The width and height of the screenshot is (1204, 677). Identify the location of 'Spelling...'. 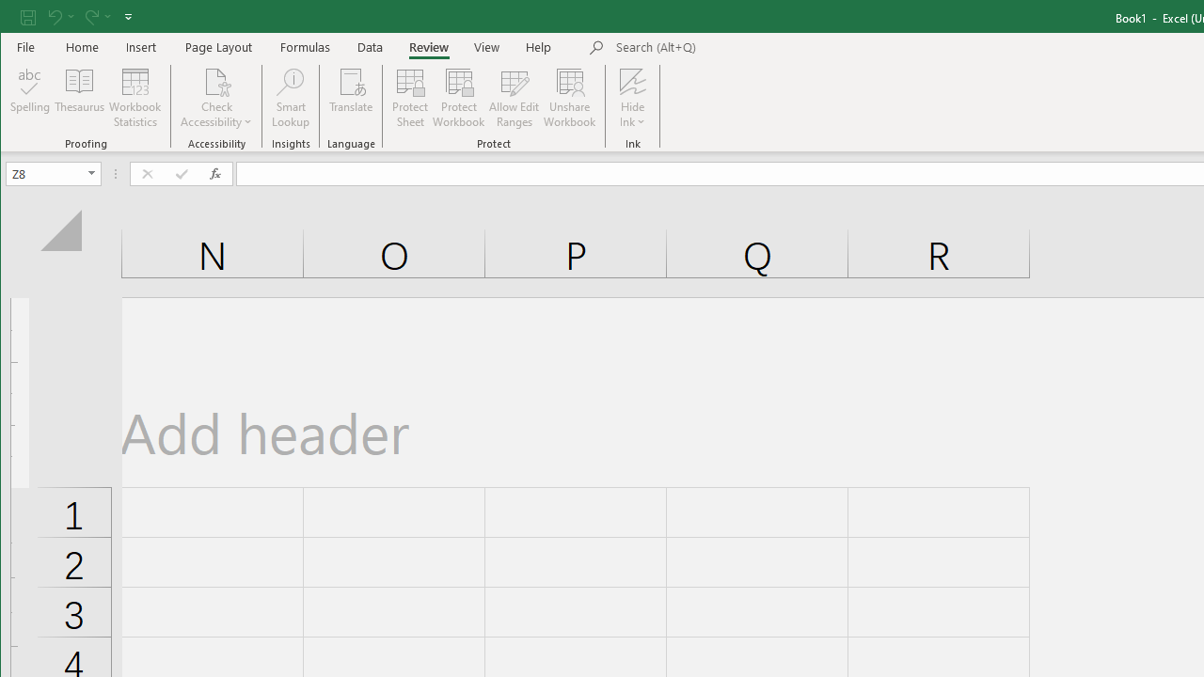
(30, 98).